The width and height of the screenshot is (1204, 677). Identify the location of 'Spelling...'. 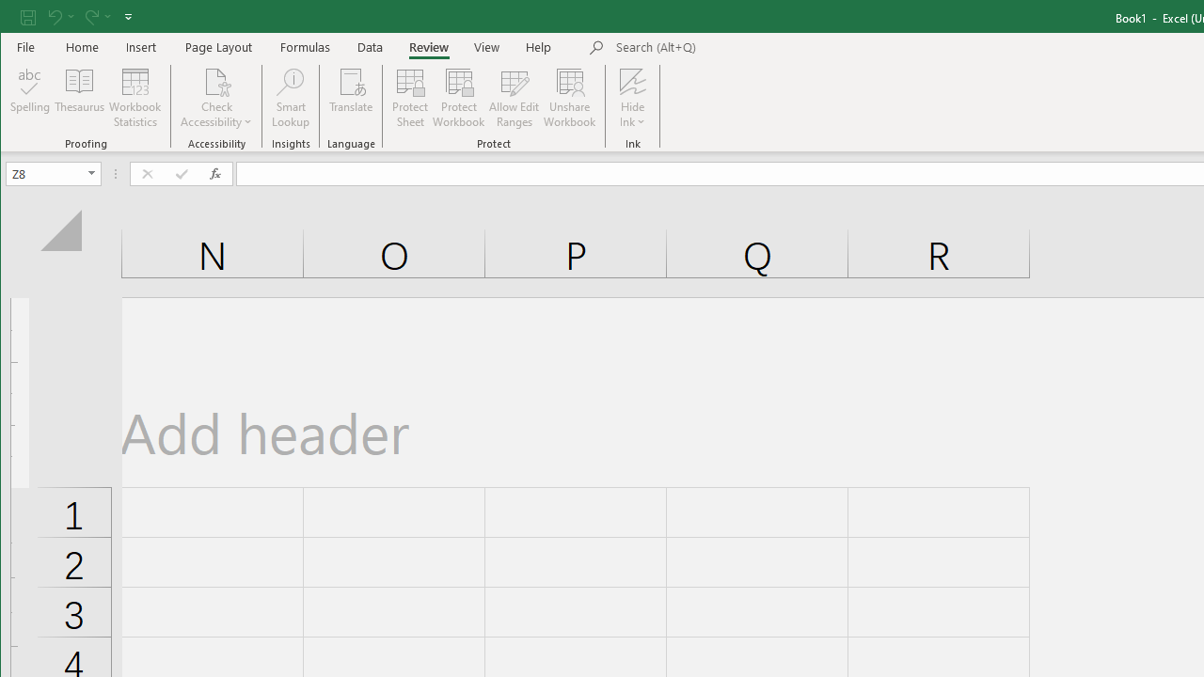
(30, 98).